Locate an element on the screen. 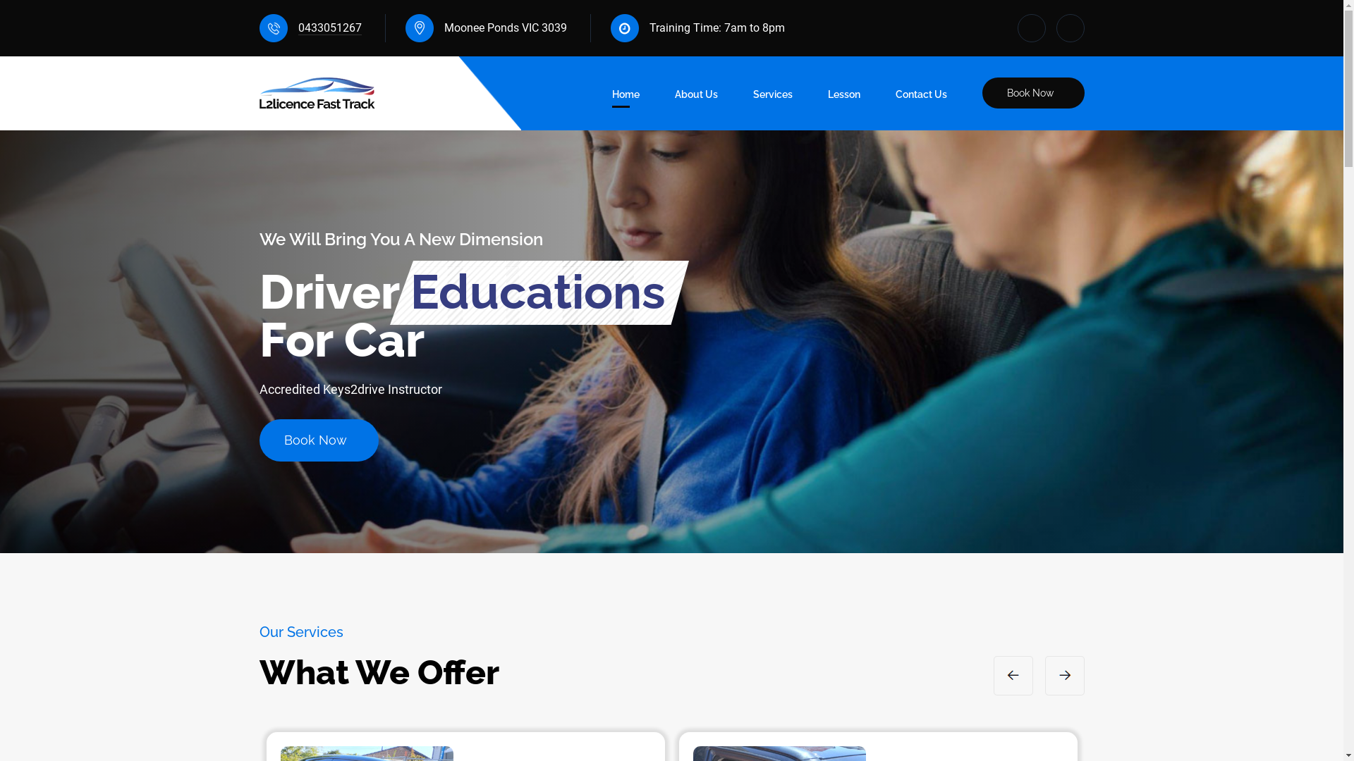  'PREVIOUS' is located at coordinates (1012, 675).